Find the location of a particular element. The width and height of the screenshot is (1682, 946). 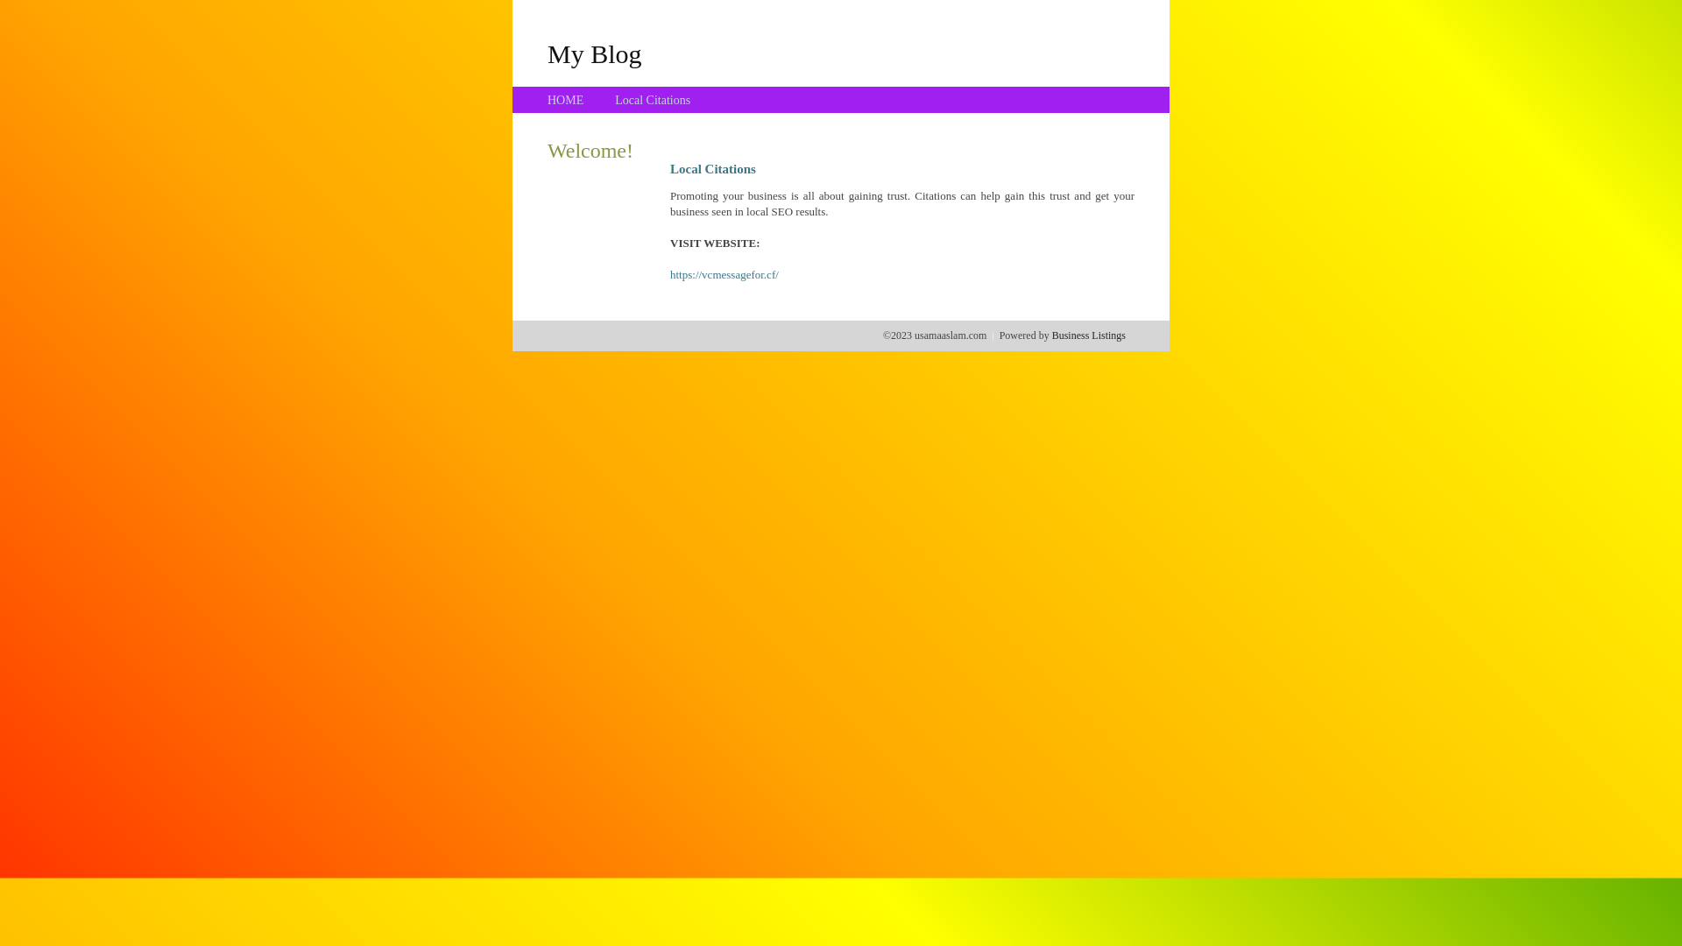

'Local Citations' is located at coordinates (651, 100).